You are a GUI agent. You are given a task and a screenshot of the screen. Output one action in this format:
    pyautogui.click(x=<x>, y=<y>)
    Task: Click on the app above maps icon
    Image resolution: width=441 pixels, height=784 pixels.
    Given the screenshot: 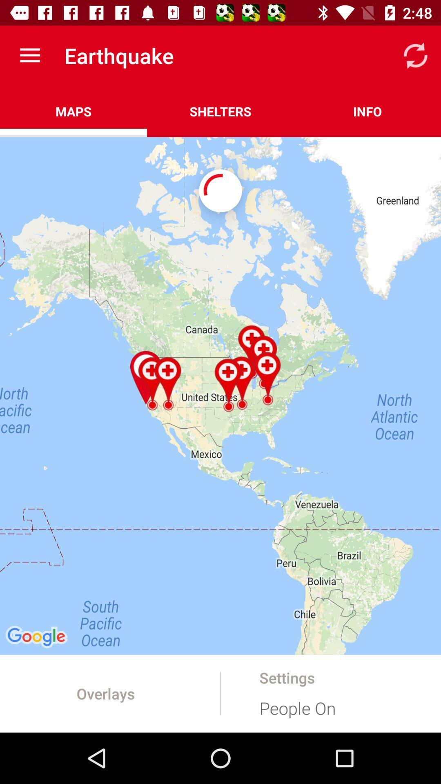 What is the action you would take?
    pyautogui.click(x=29, y=55)
    